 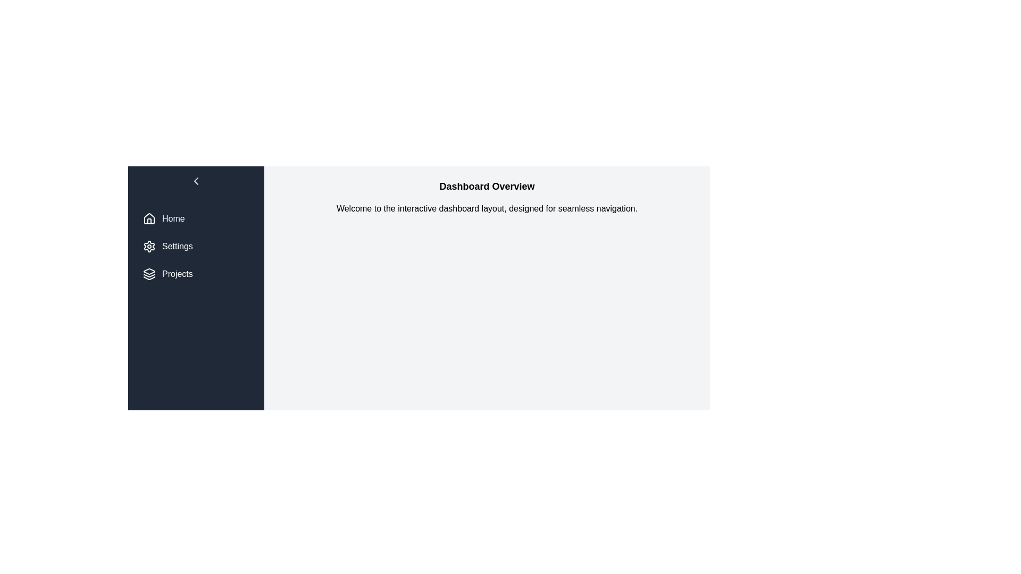 I want to click on the vertical rectangular segment of the vector graphic resembling the shape of a house, positioned within the home icon in the navigation panel, so click(x=149, y=221).